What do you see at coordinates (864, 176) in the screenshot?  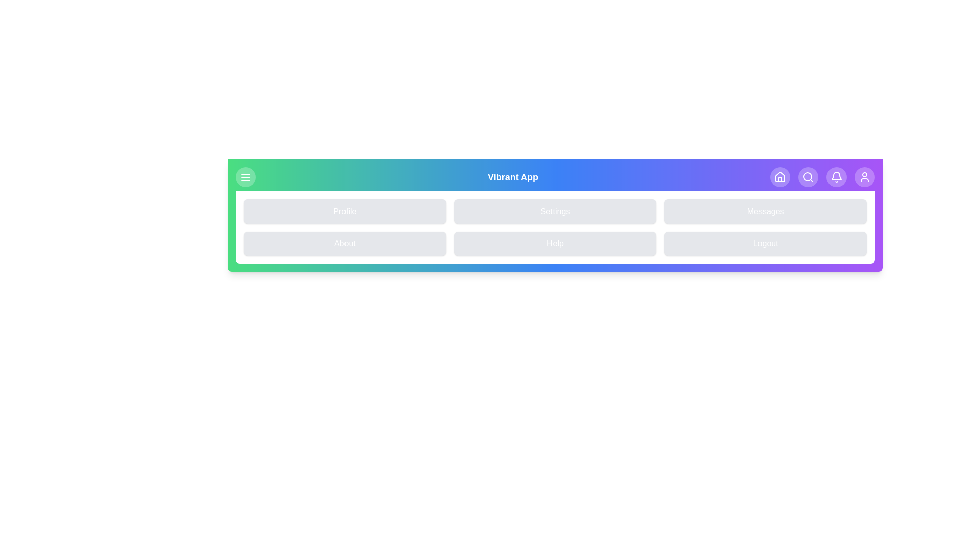 I see `the navigation icon User` at bounding box center [864, 176].